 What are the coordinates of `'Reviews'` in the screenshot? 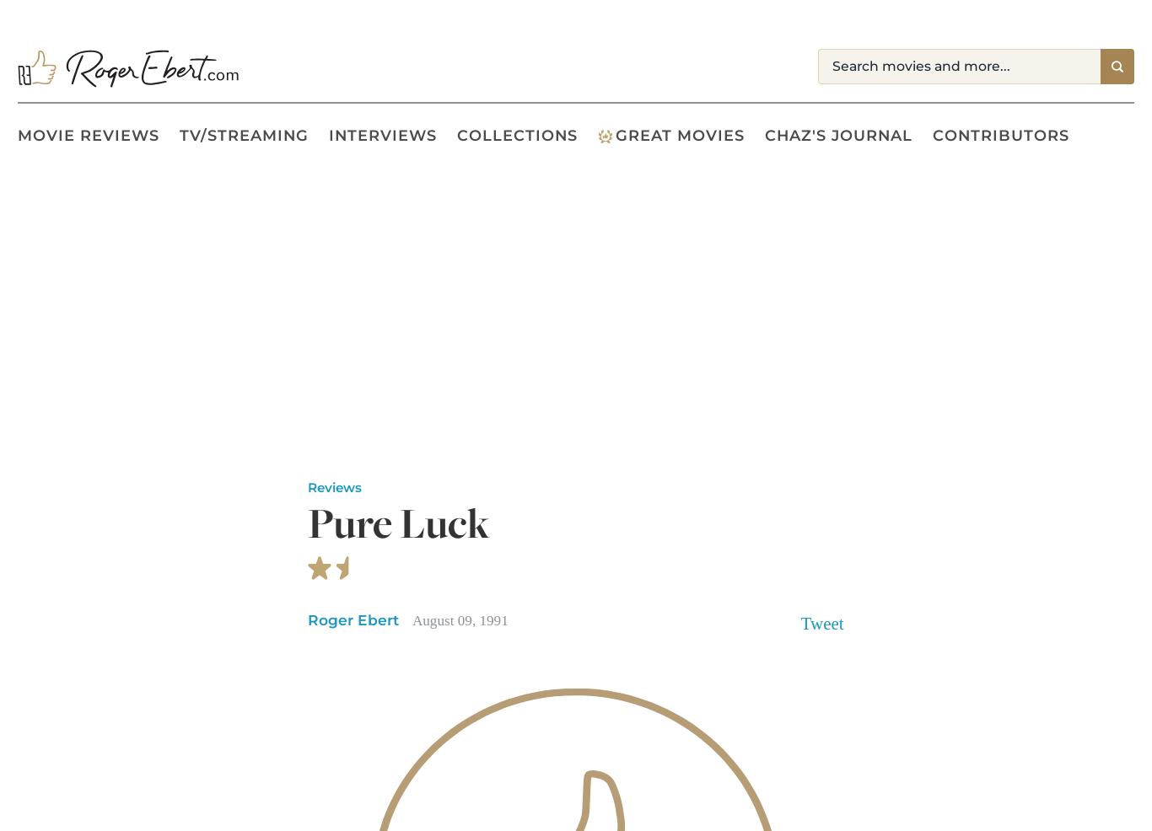 It's located at (306, 486).